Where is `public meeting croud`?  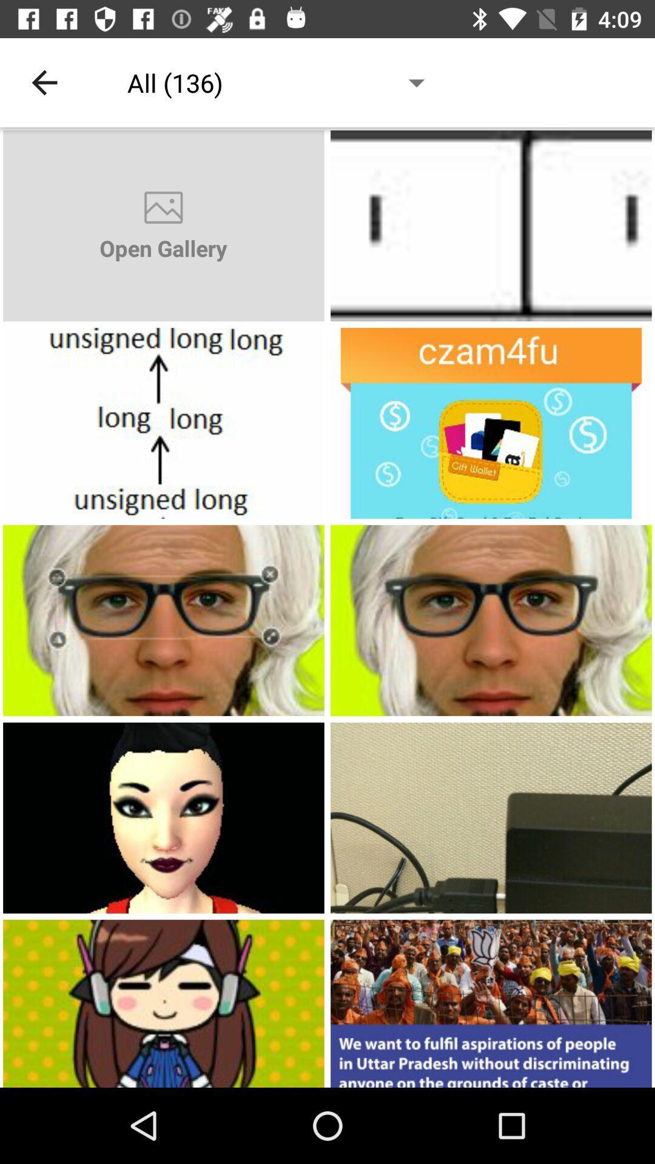
public meeting croud is located at coordinates (491, 1003).